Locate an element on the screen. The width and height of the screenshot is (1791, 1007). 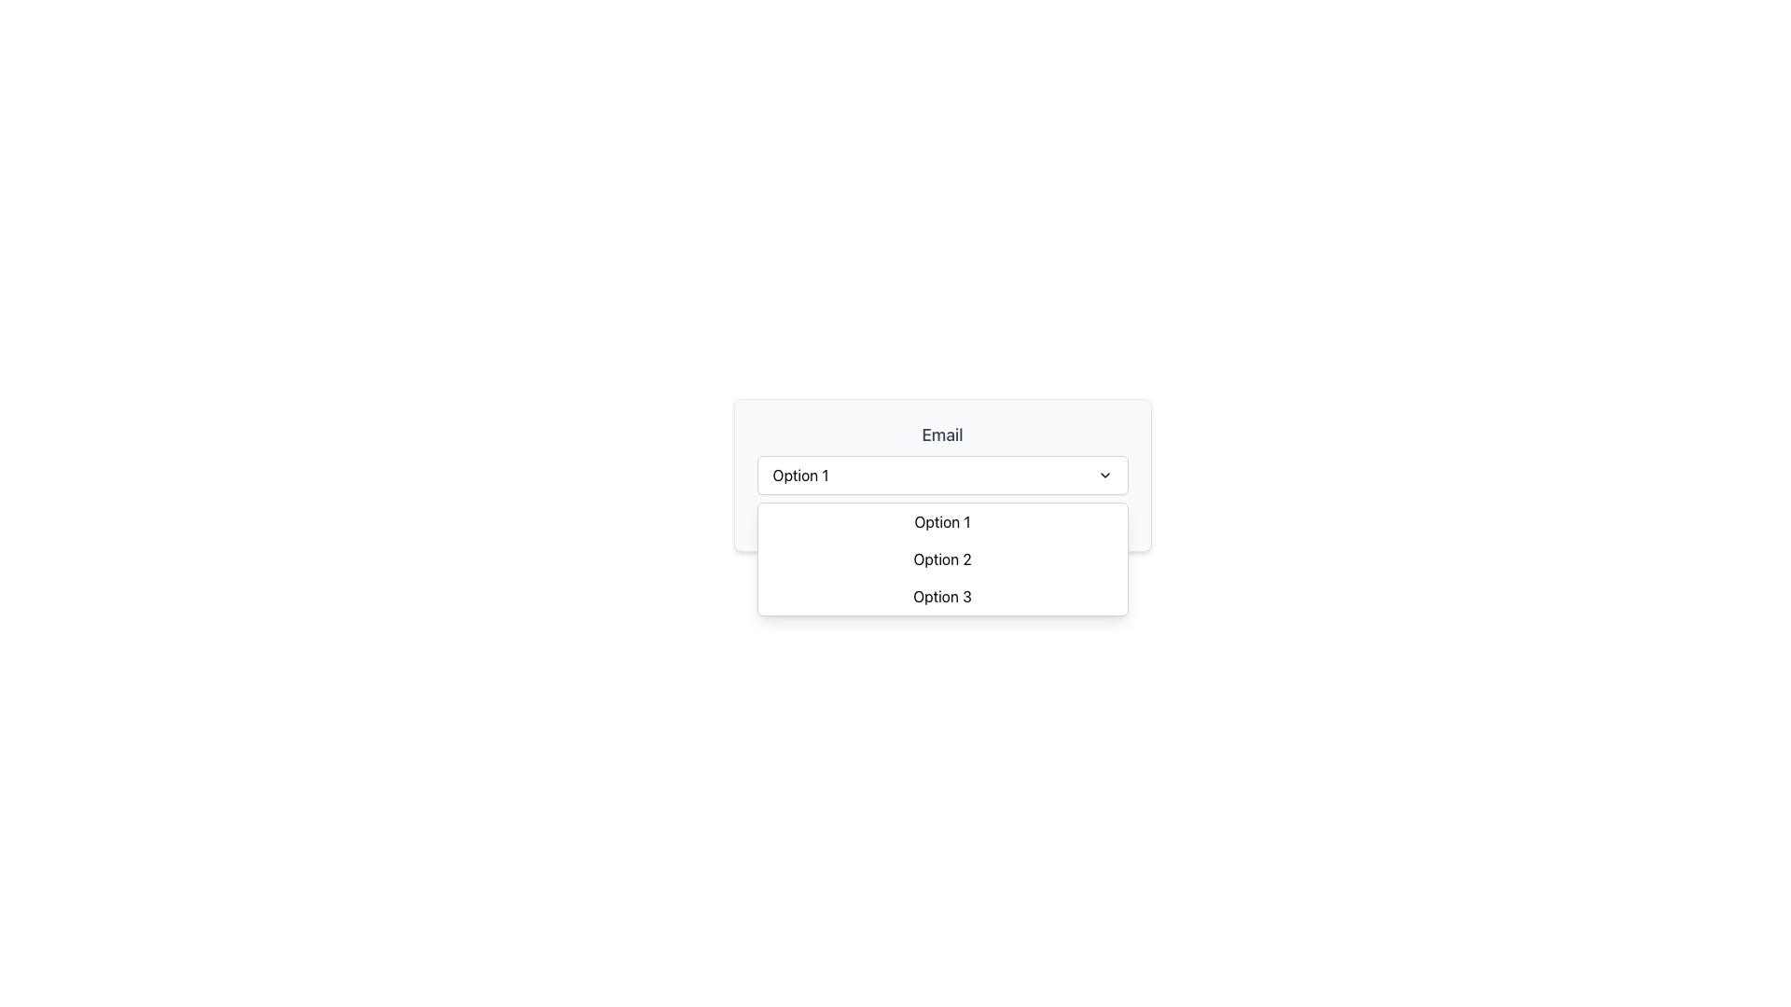
the third selectable option in the dropdown menu labeled 'Option 3' is located at coordinates (942, 604).